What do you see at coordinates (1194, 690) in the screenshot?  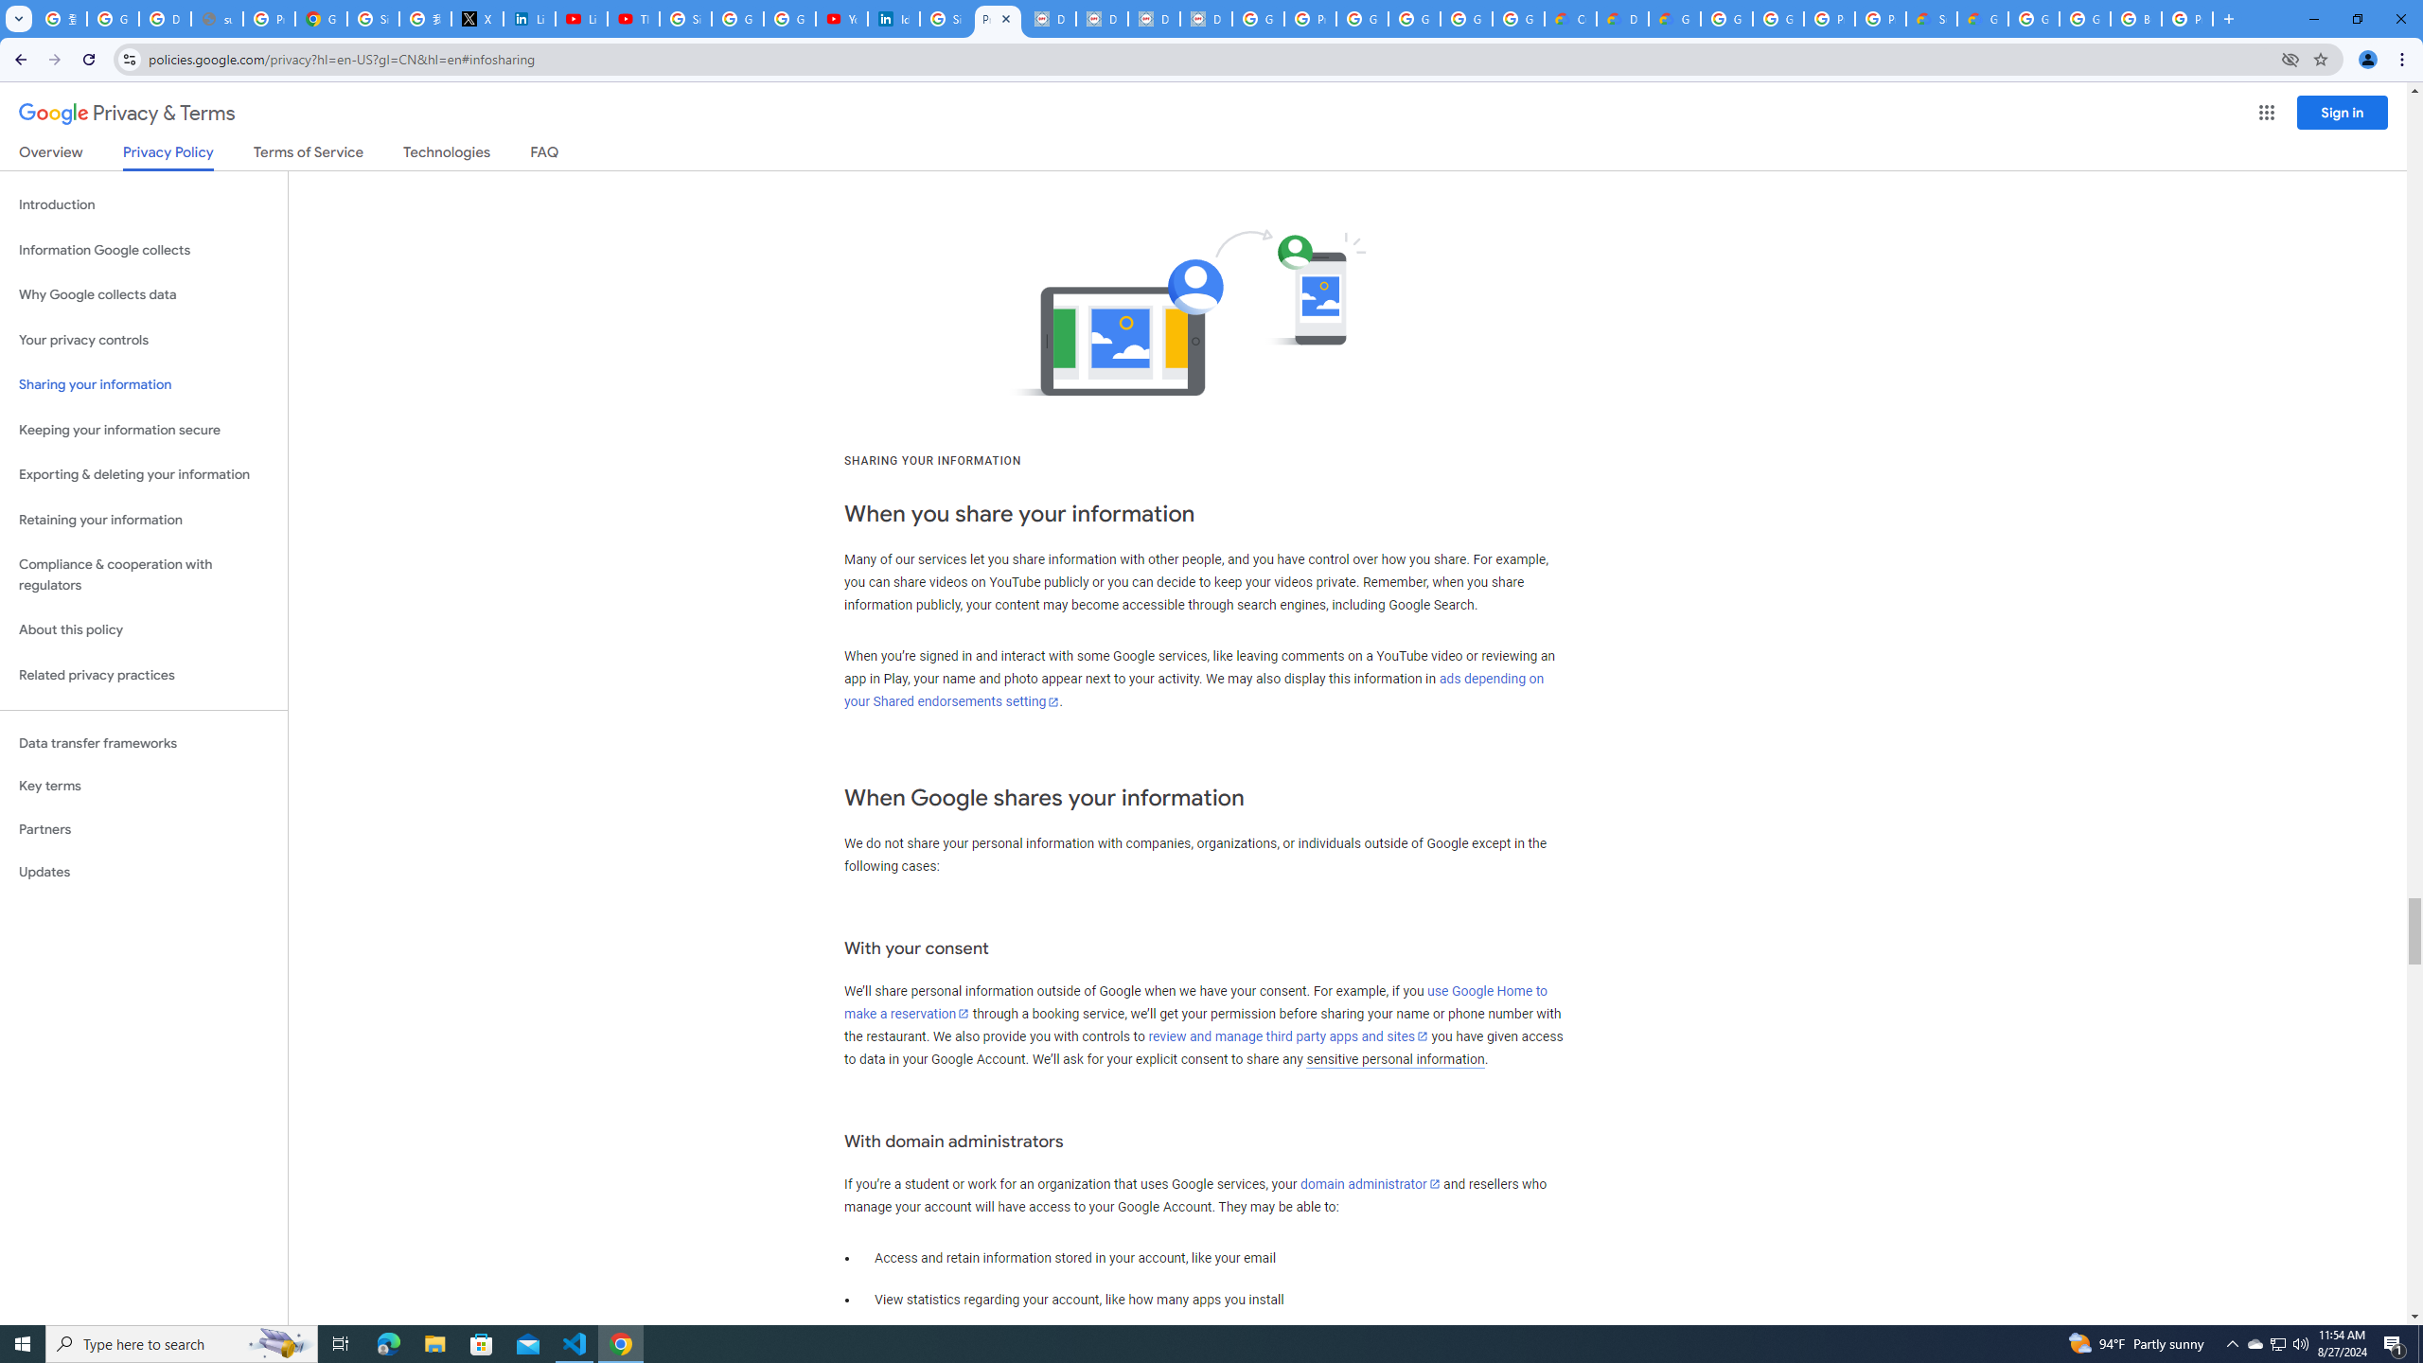 I see `'ads depending on your Shared endorsements setting'` at bounding box center [1194, 690].